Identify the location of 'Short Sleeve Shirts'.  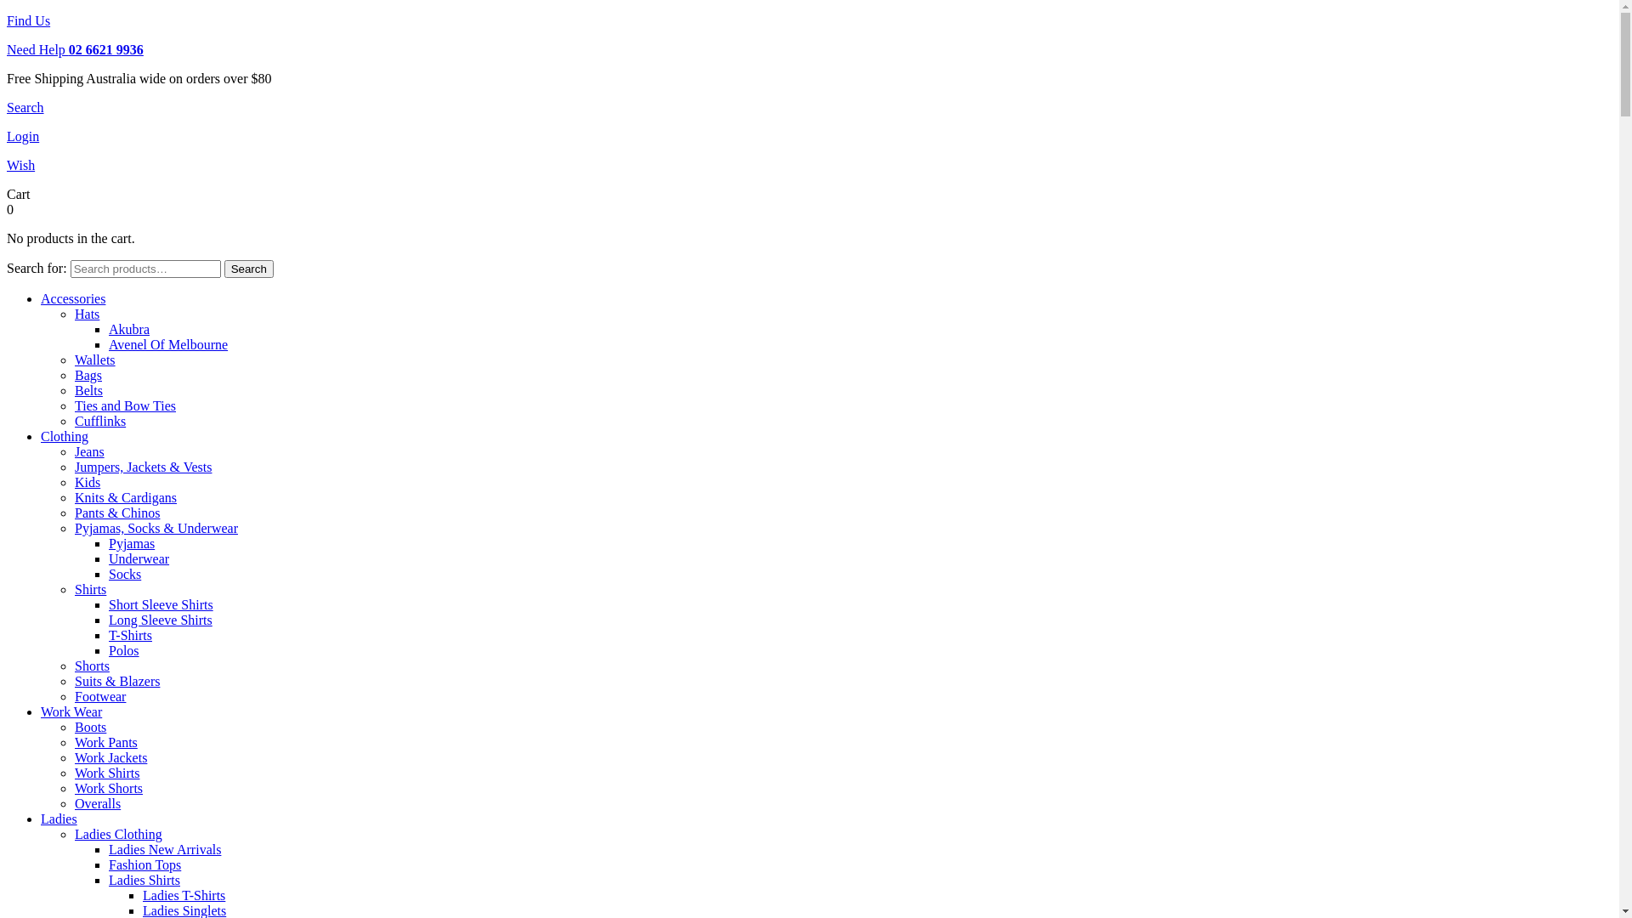
(108, 603).